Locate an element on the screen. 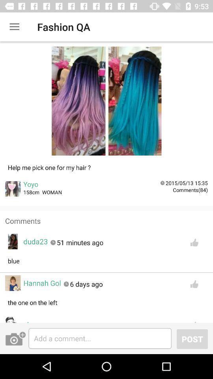  like comment is located at coordinates (194, 284).